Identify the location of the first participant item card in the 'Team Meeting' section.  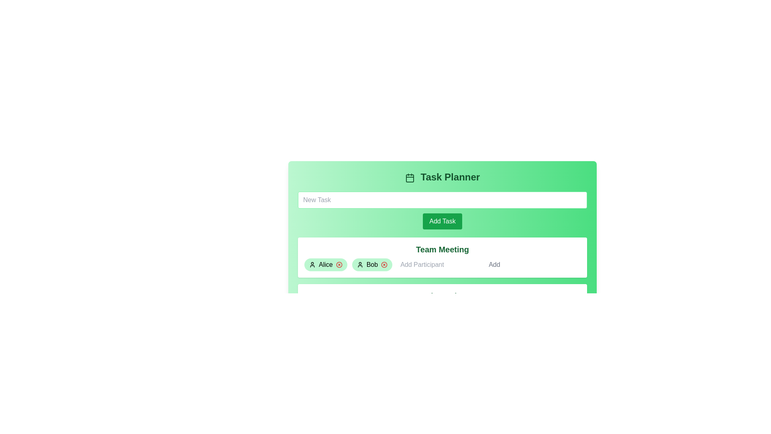
(326, 265).